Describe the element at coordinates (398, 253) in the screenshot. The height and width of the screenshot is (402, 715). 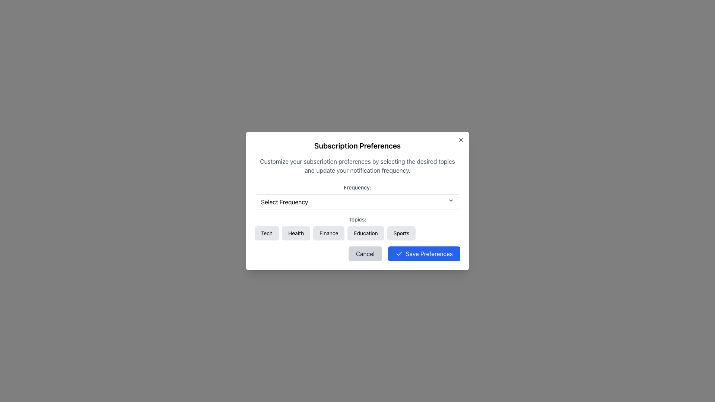
I see `the icon within the 'Save Preferences' button, which is located to the left of the text and slightly aligned towards the middle vertically` at that location.